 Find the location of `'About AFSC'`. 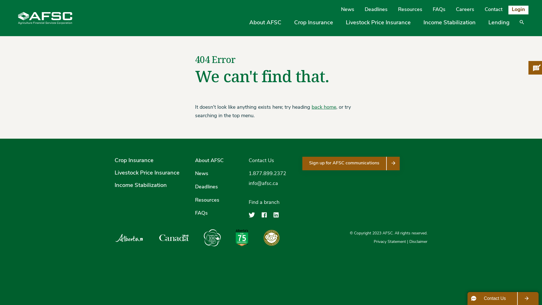

'About AFSC' is located at coordinates (265, 23).